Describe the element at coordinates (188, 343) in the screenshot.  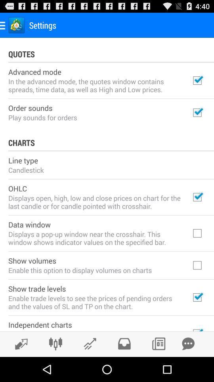
I see `open messages` at that location.